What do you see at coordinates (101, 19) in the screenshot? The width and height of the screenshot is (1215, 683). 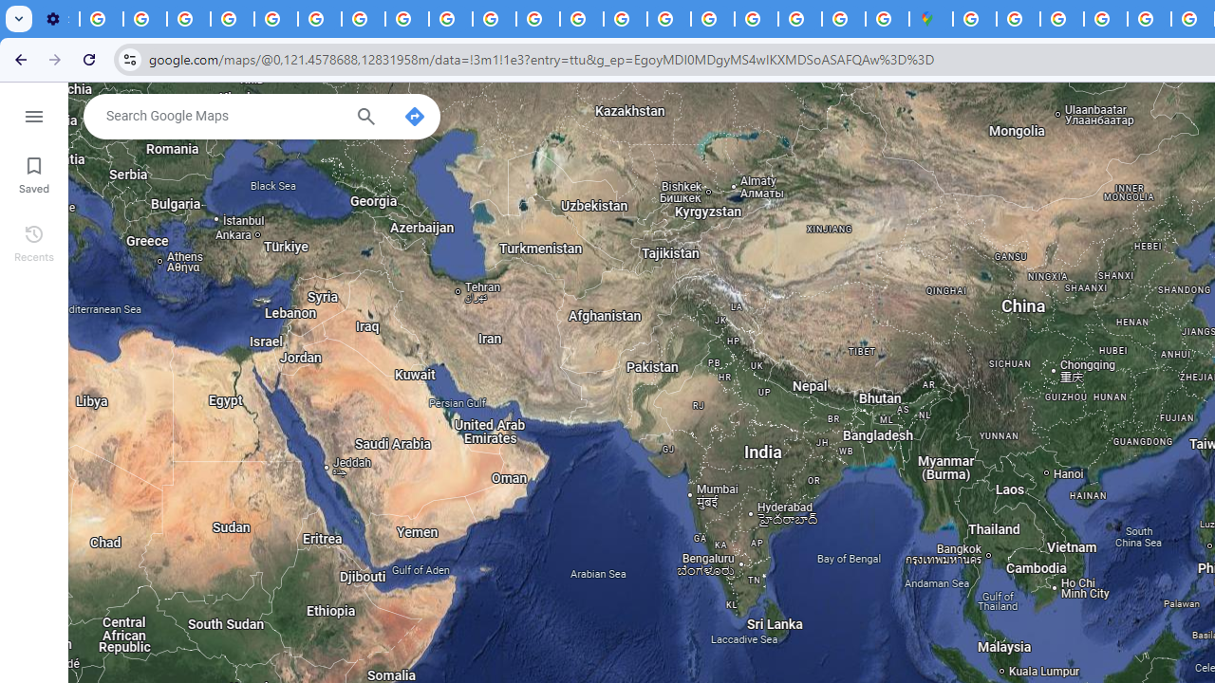 I see `'Delete photos & videos - Computer - Google Photos Help'` at bounding box center [101, 19].